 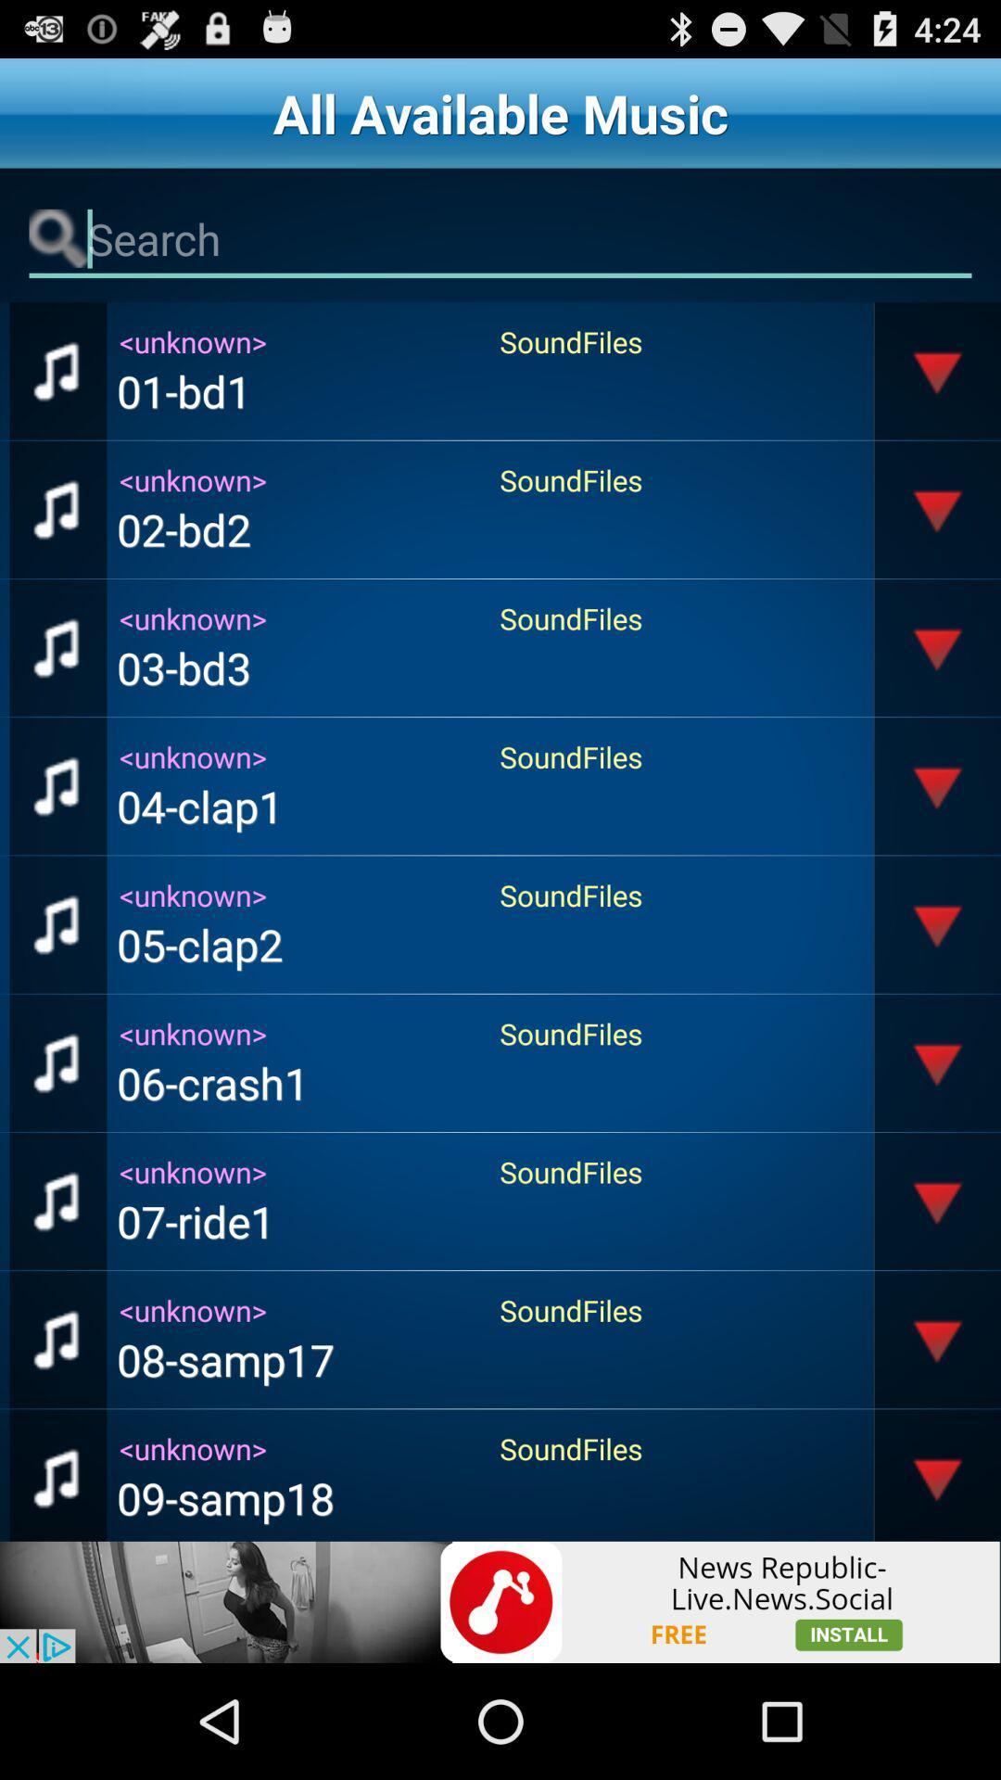 What do you see at coordinates (500, 1601) in the screenshot?
I see `adverts` at bounding box center [500, 1601].